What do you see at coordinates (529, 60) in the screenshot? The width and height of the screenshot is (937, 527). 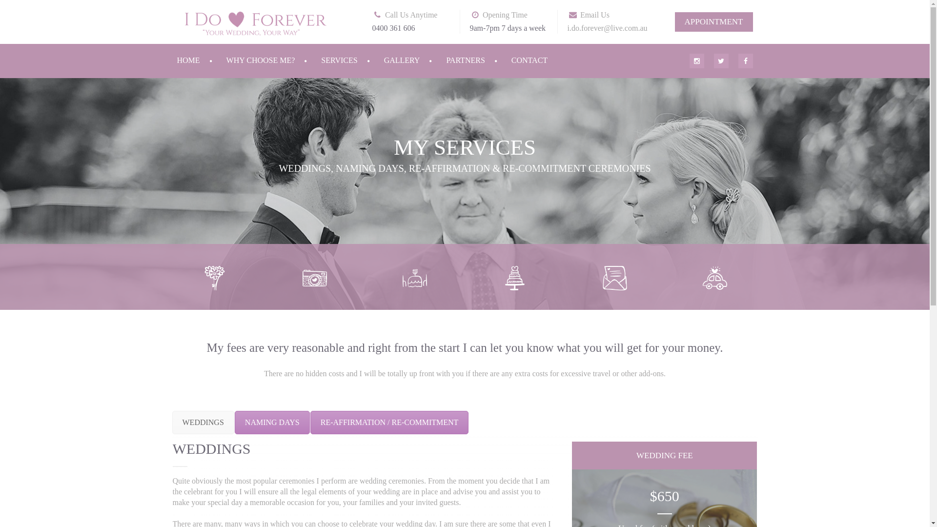 I see `'CONTACT'` at bounding box center [529, 60].